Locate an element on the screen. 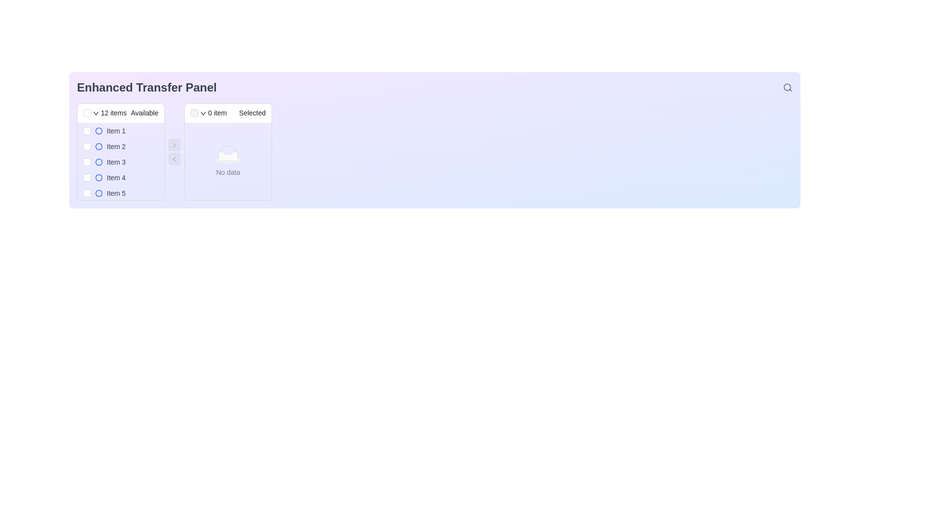  the checkbox associated with 'Item 1' is located at coordinates (87, 131).